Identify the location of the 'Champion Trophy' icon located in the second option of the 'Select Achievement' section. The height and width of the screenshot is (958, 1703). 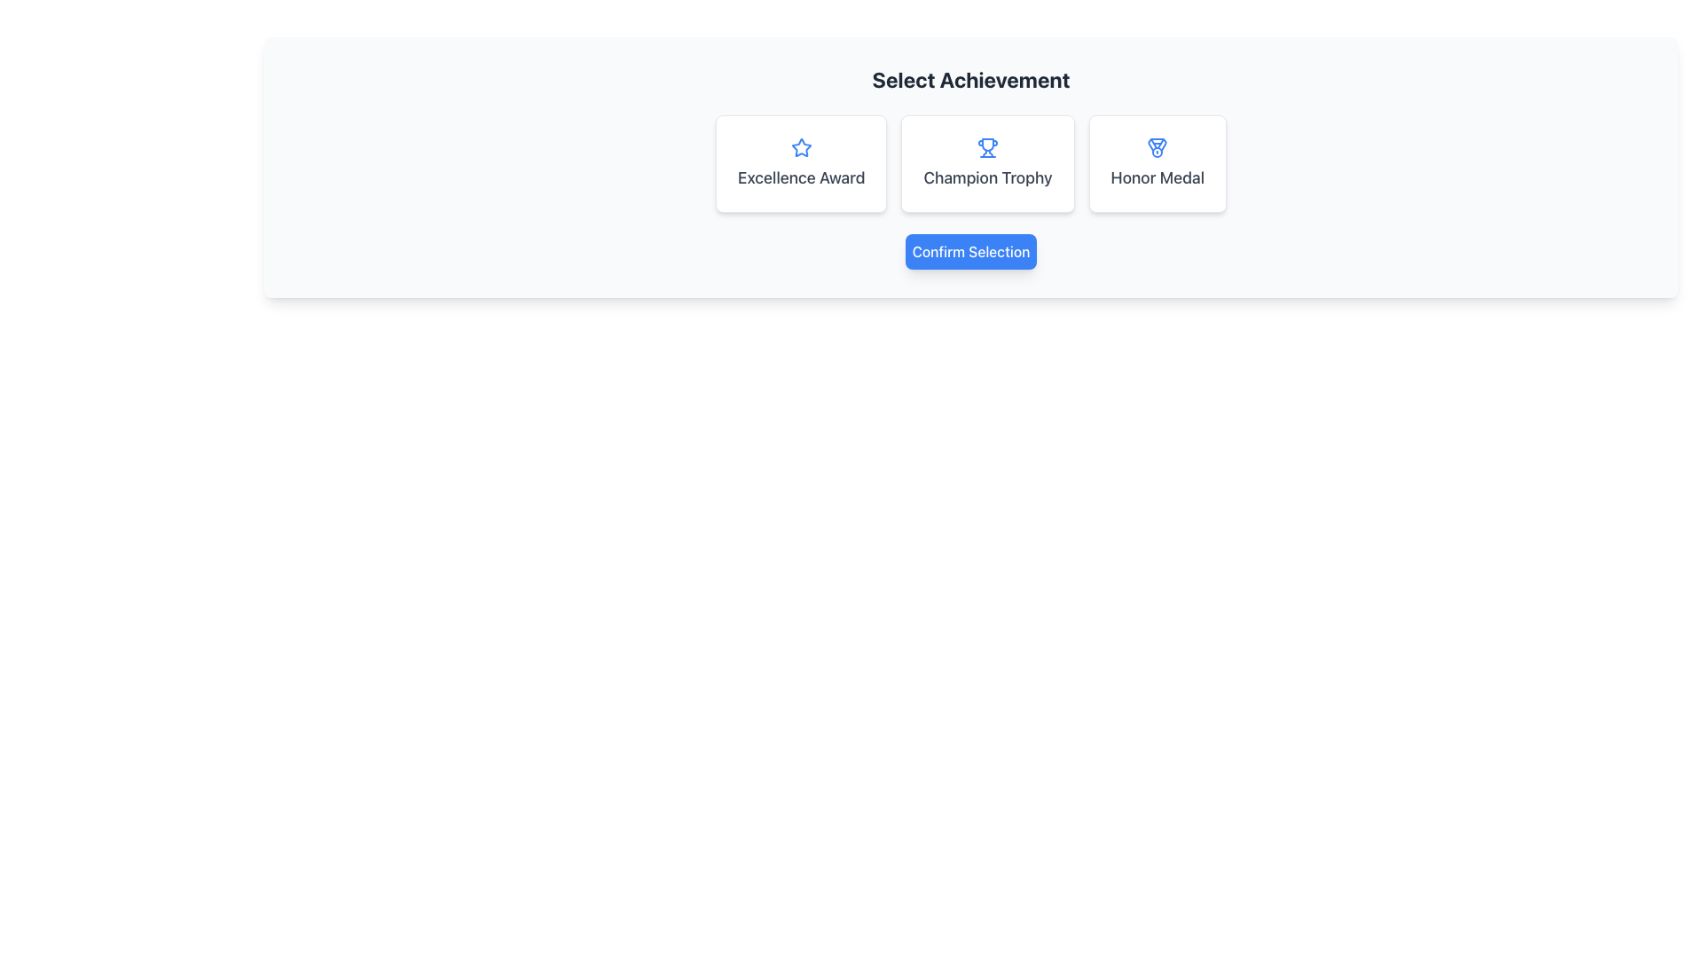
(986, 146).